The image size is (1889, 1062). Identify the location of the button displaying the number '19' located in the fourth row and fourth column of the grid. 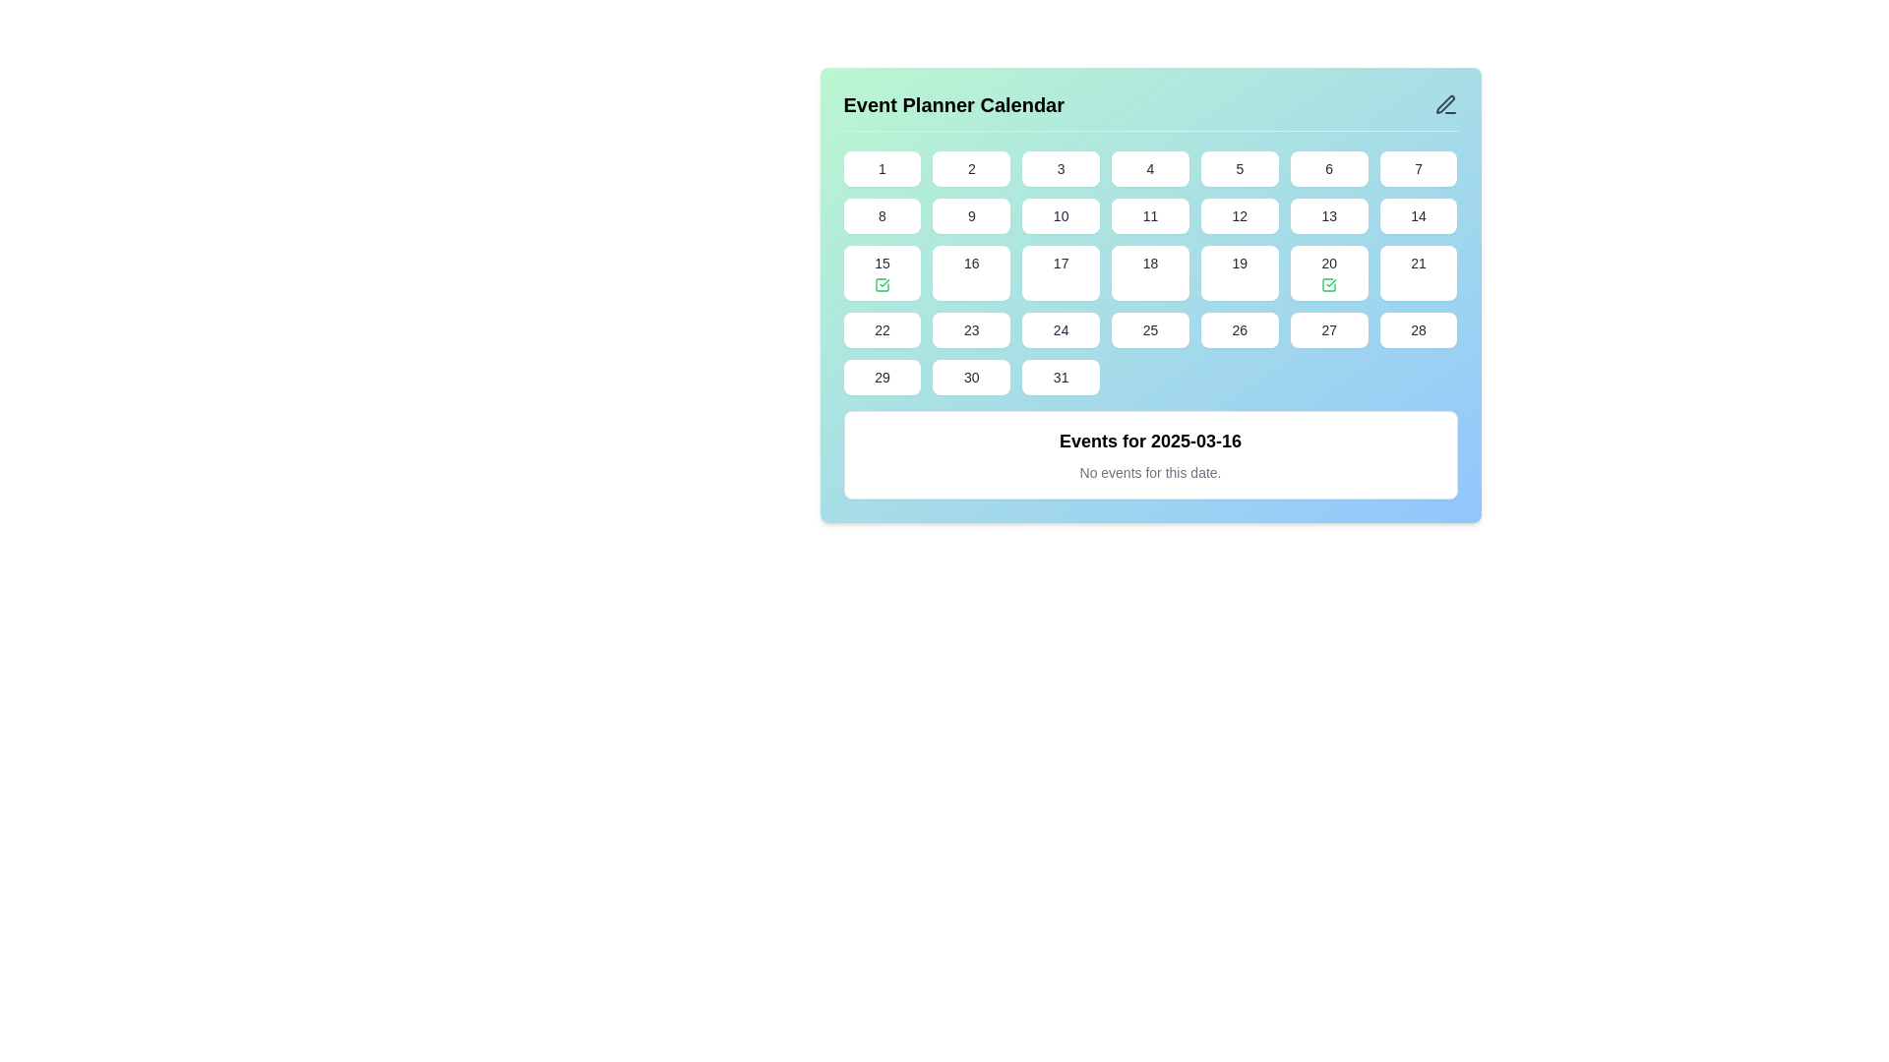
(1239, 272).